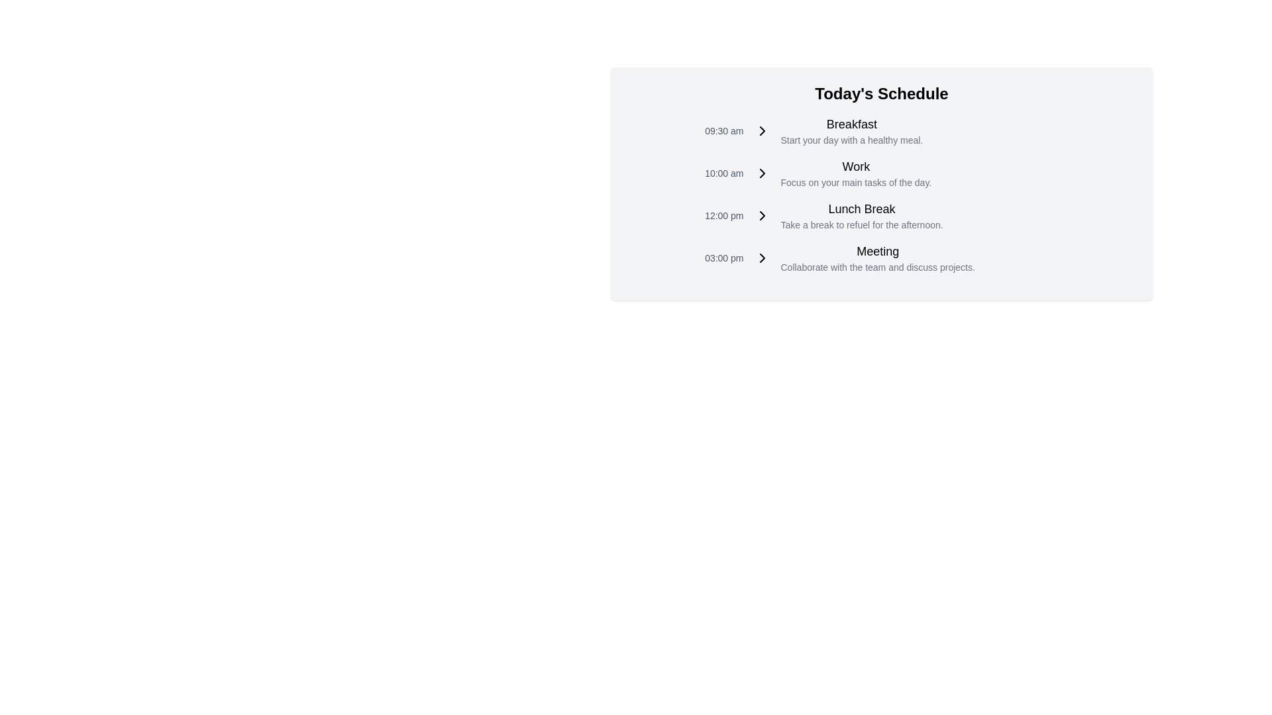 This screenshot has height=715, width=1272. I want to click on the 'Lunch Break' text heading, which is styled in bold and larger font size, located under the '12:00 pm' time slot in the schedule layout, so click(861, 209).